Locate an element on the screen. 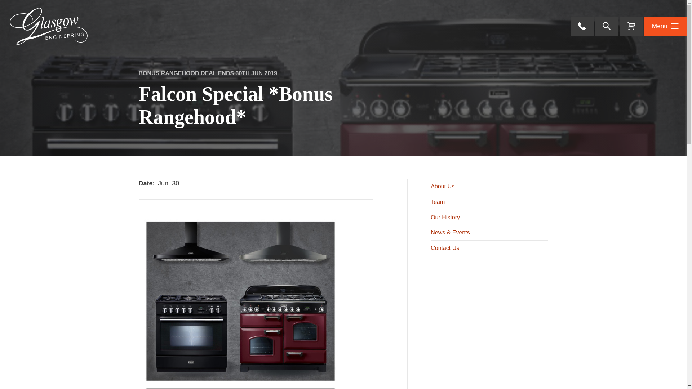  'About Us' is located at coordinates (431, 187).